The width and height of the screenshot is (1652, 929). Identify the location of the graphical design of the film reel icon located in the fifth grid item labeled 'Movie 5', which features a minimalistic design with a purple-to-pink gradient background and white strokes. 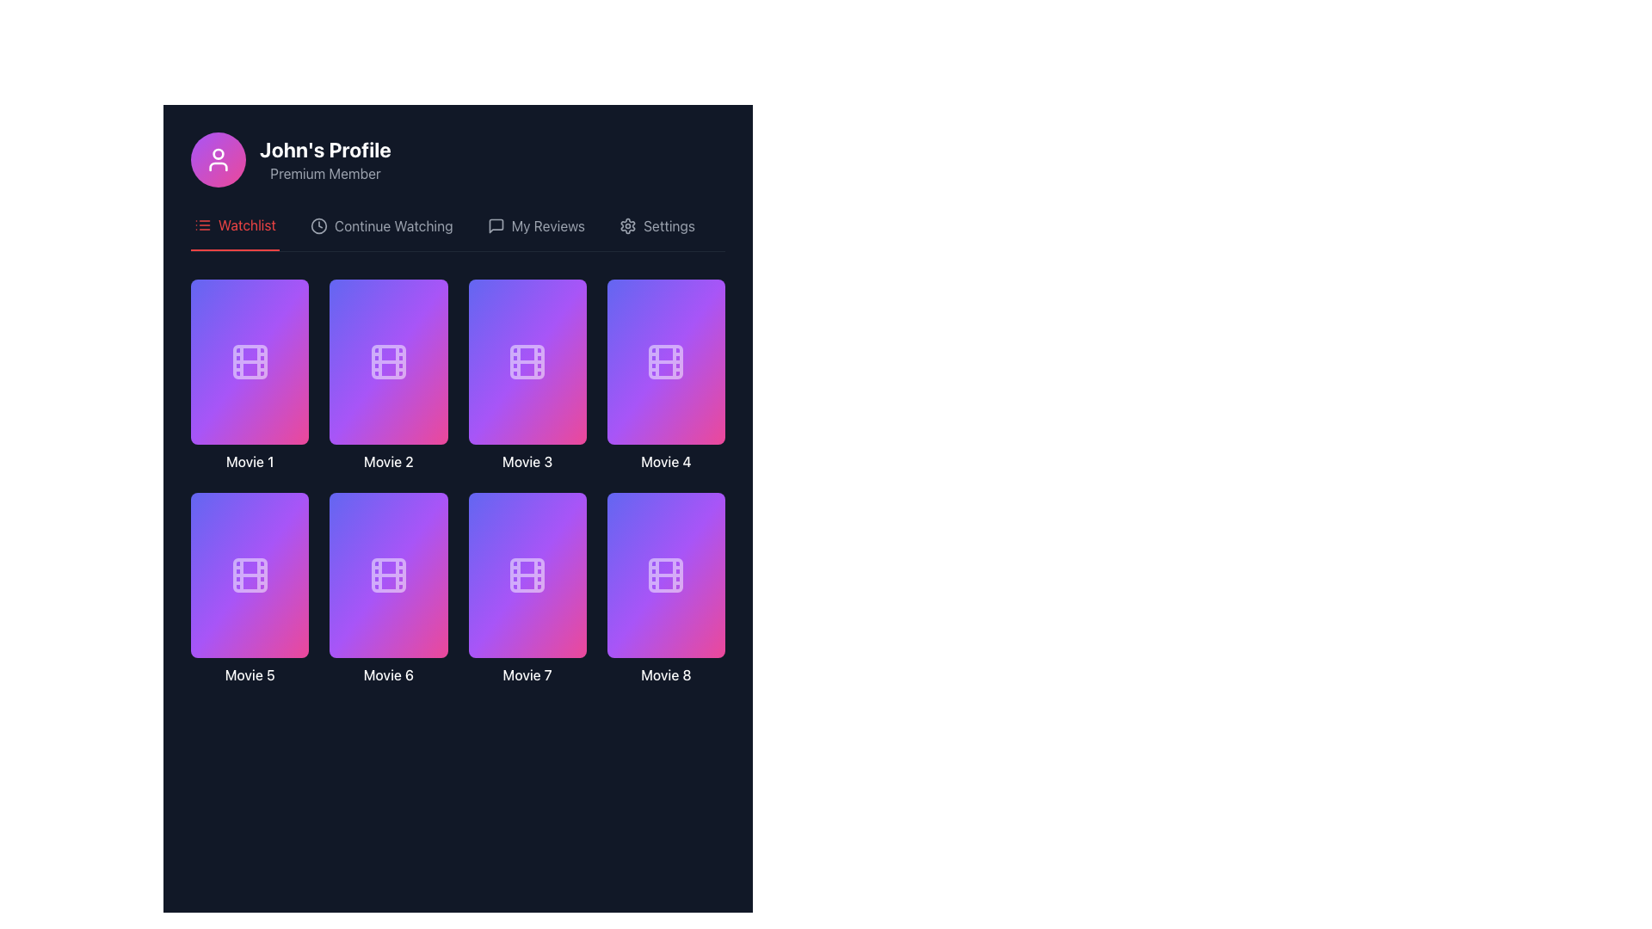
(249, 575).